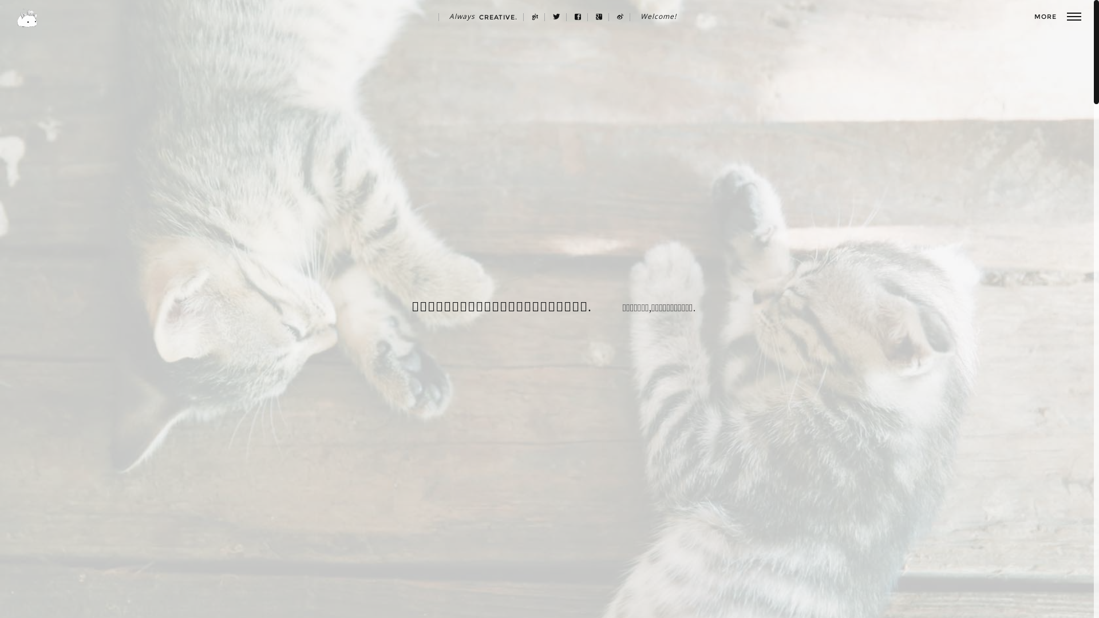 This screenshot has height=618, width=1099. I want to click on 'Twitter', so click(557, 17).